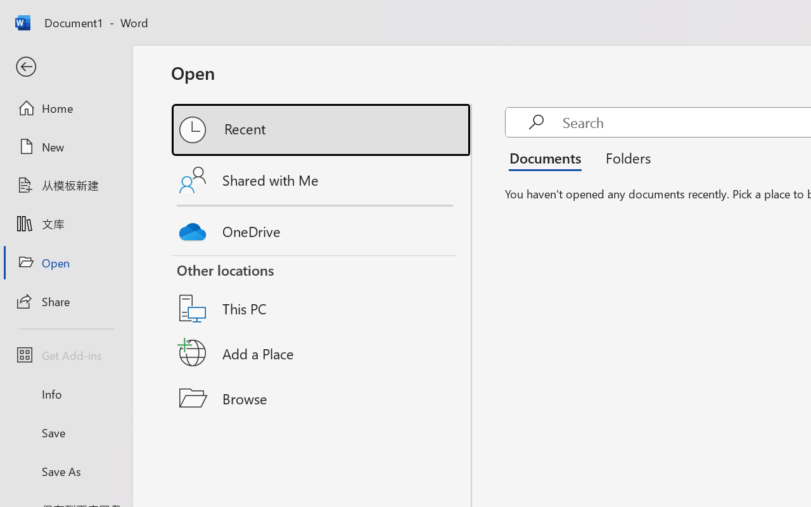  Describe the element at coordinates (65, 471) in the screenshot. I see `'Save As'` at that location.